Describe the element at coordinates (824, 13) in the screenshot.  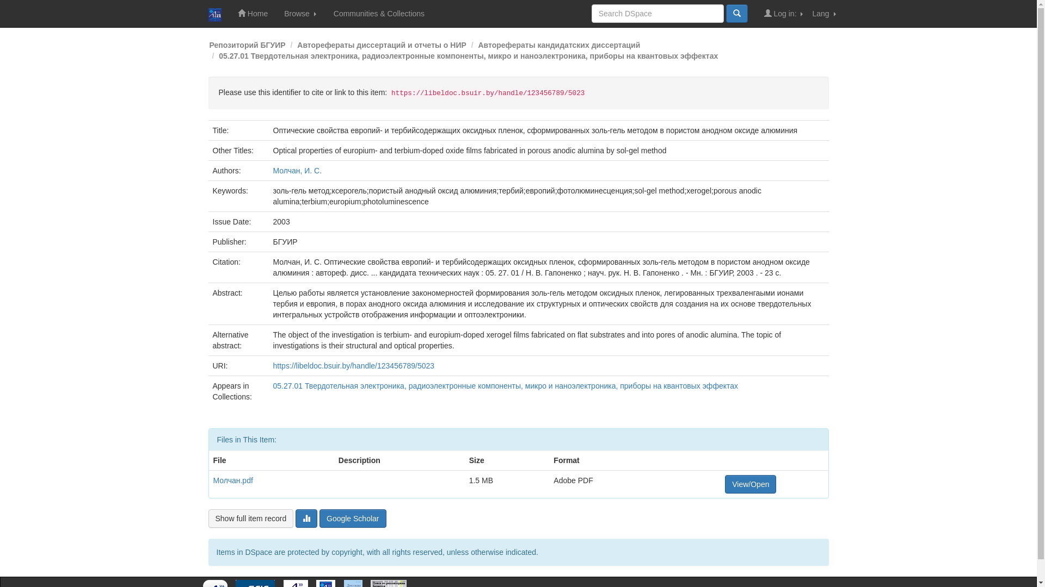
I see `'Lang'` at that location.